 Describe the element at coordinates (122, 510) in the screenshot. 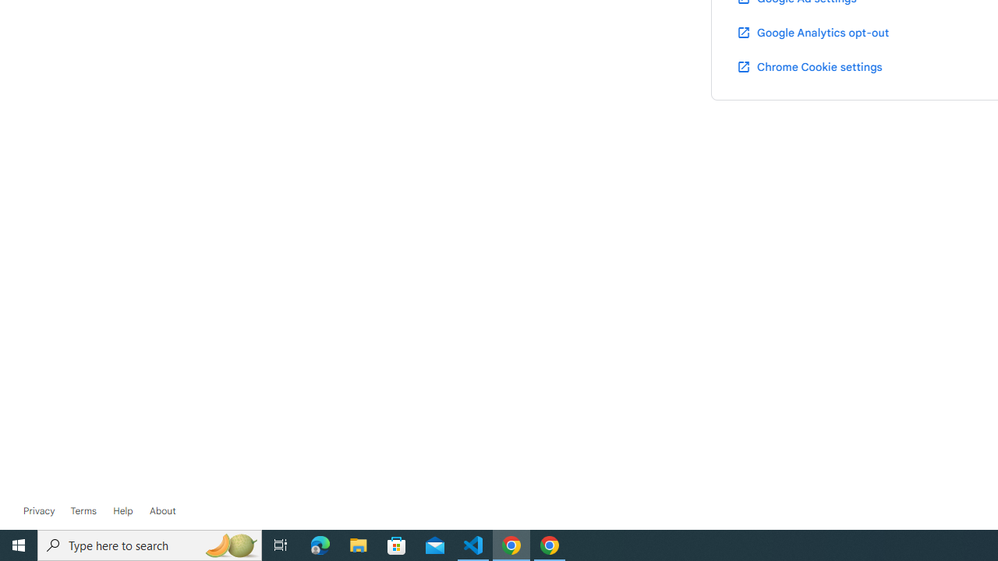

I see `'Help'` at that location.